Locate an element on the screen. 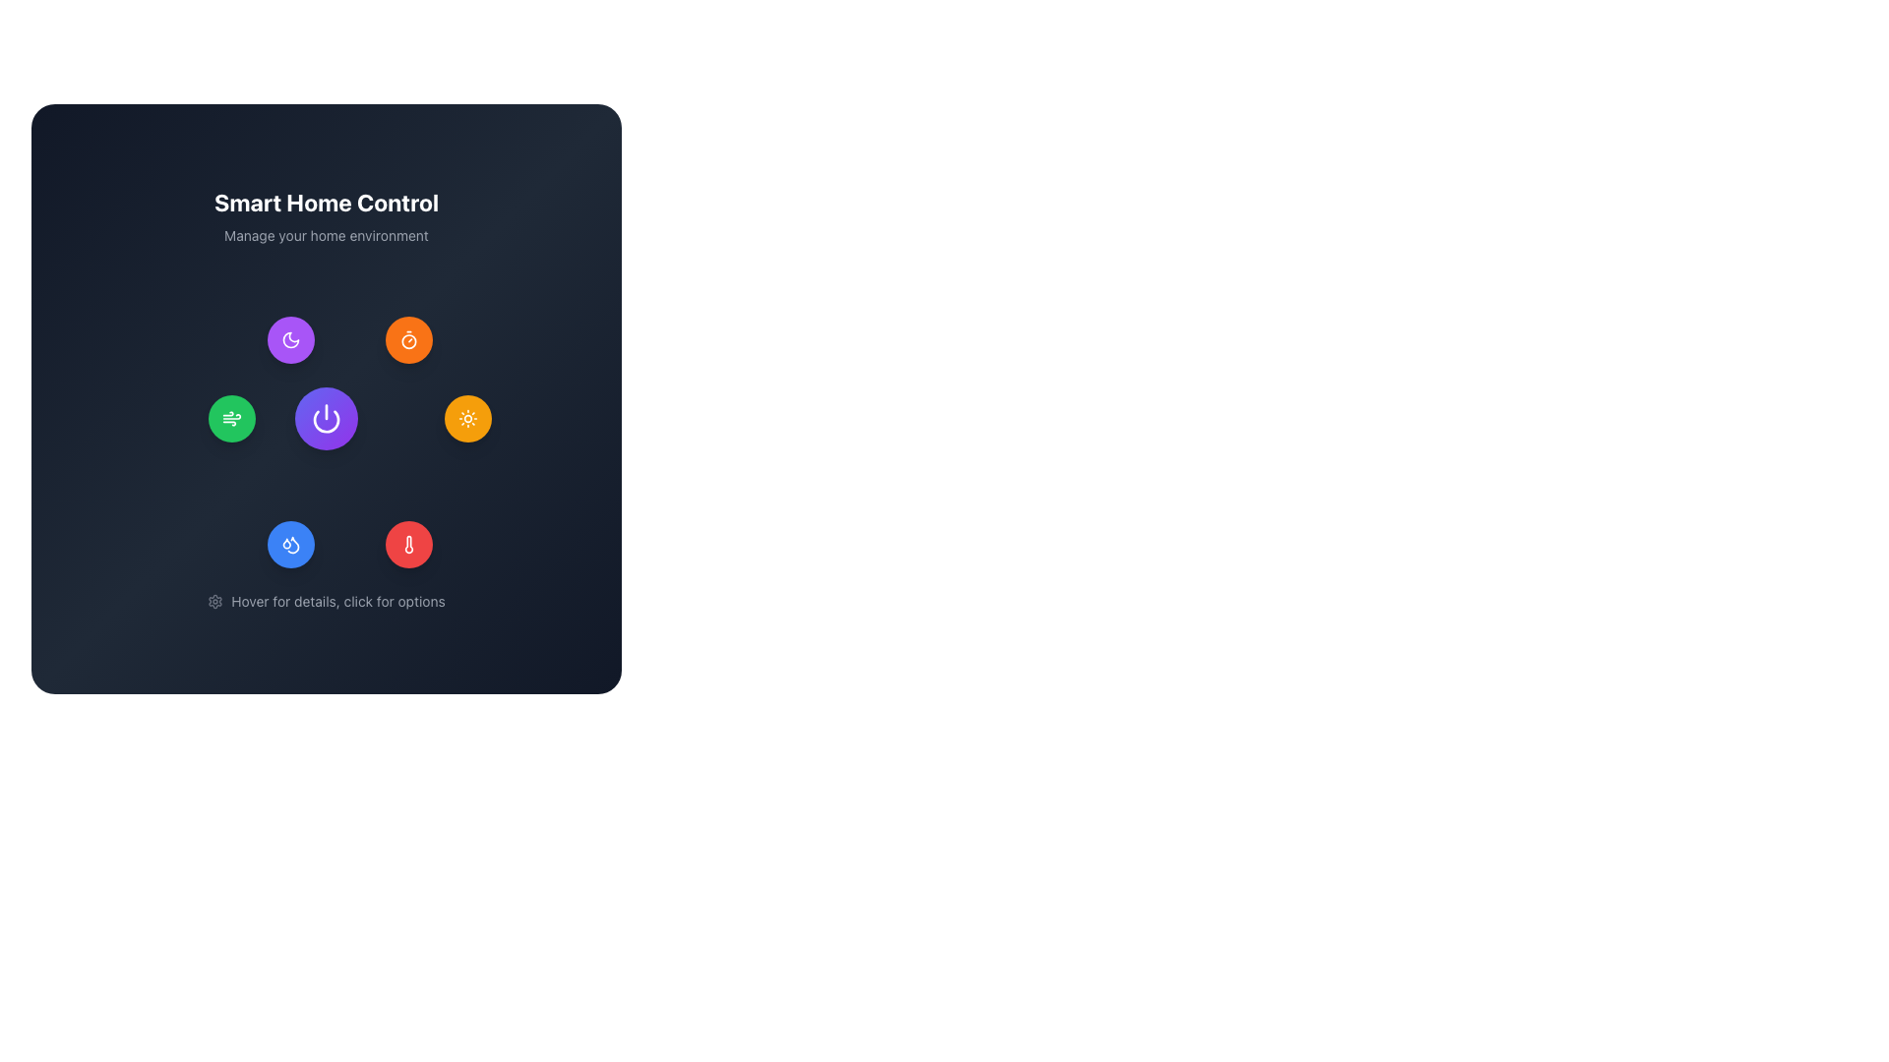  the central part of the orange icon represented by the Circle SVG component located at the top-right of the circular layout of icons is located at coordinates (408, 340).